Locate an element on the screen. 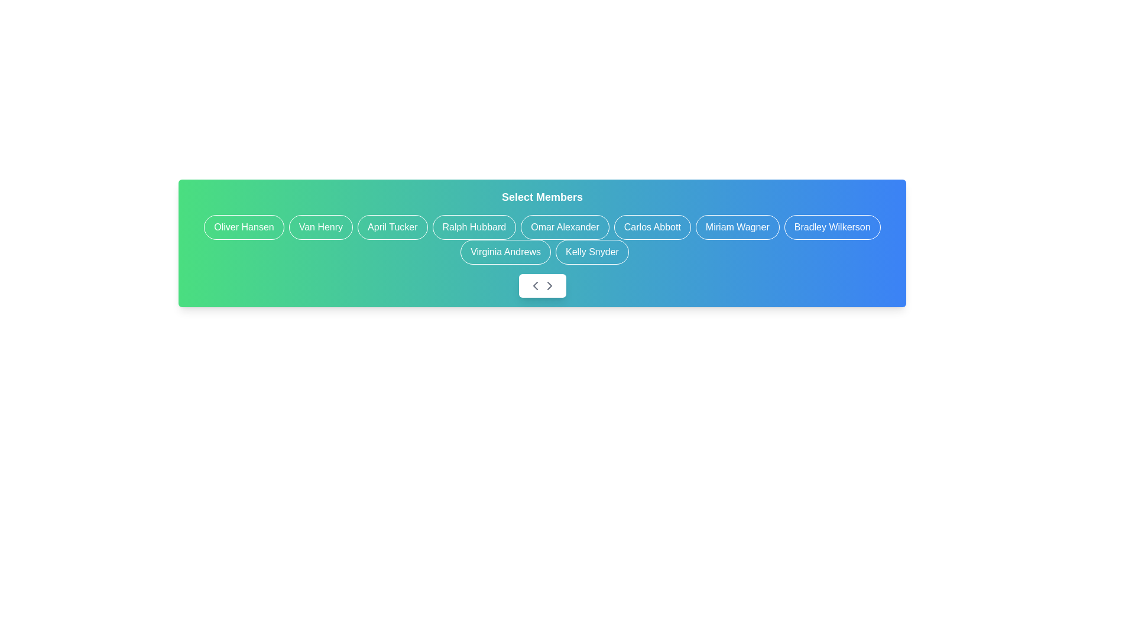 This screenshot has width=1135, height=638. the chevron arrow icon pointing to the right, which serves as a forward navigation button located at the bottom center of the interface, to possibly highlight or show a tooltip is located at coordinates (549, 285).